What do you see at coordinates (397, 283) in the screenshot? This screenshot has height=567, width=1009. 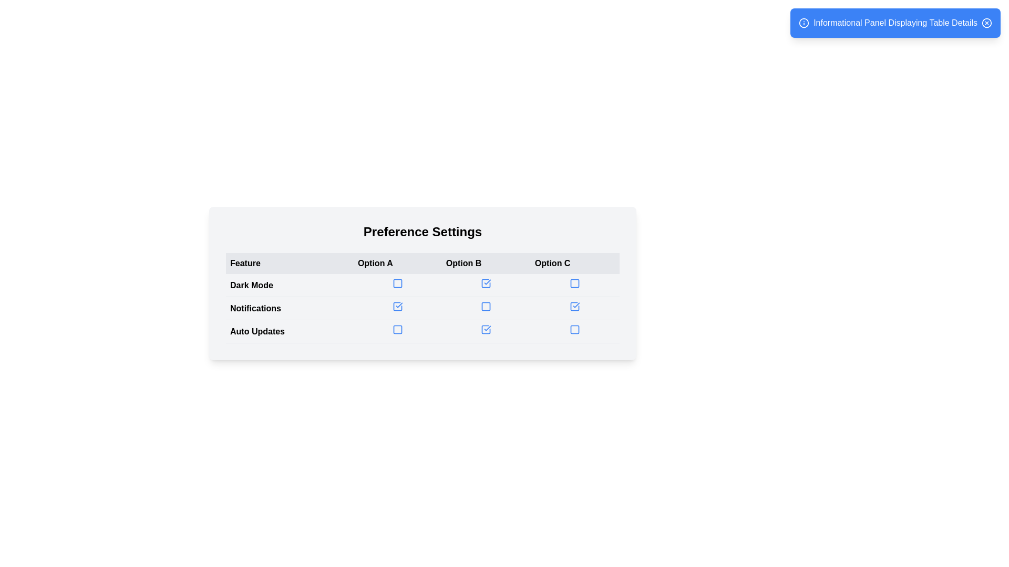 I see `the checkbox for 'Dark Mode' under 'Option A' in the 'Preference Settings' table` at bounding box center [397, 283].